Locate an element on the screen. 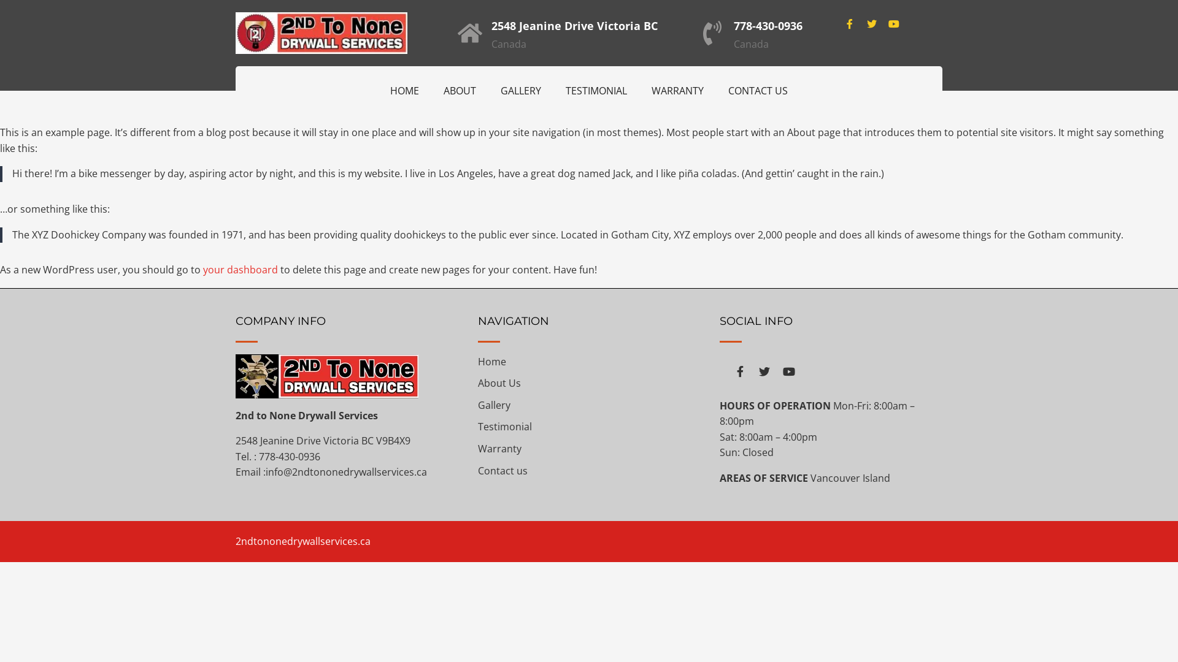 This screenshot has height=662, width=1178. 'ABOUT' is located at coordinates (431, 89).